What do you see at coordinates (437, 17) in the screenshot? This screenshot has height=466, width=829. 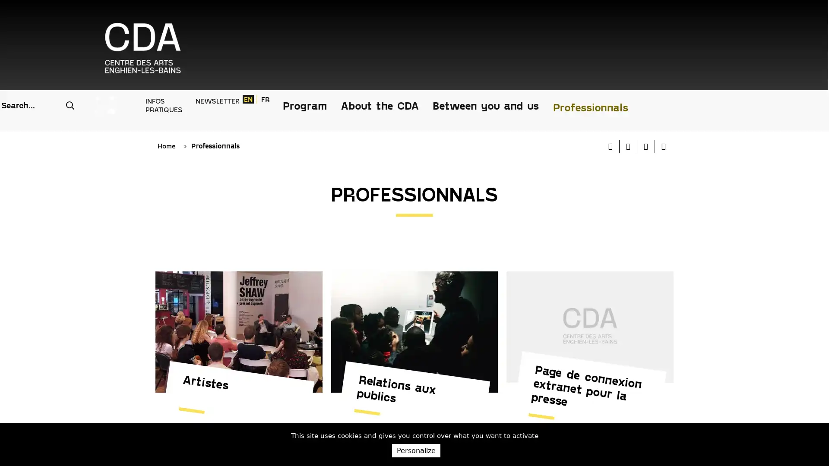 I see `Search all the site` at bounding box center [437, 17].